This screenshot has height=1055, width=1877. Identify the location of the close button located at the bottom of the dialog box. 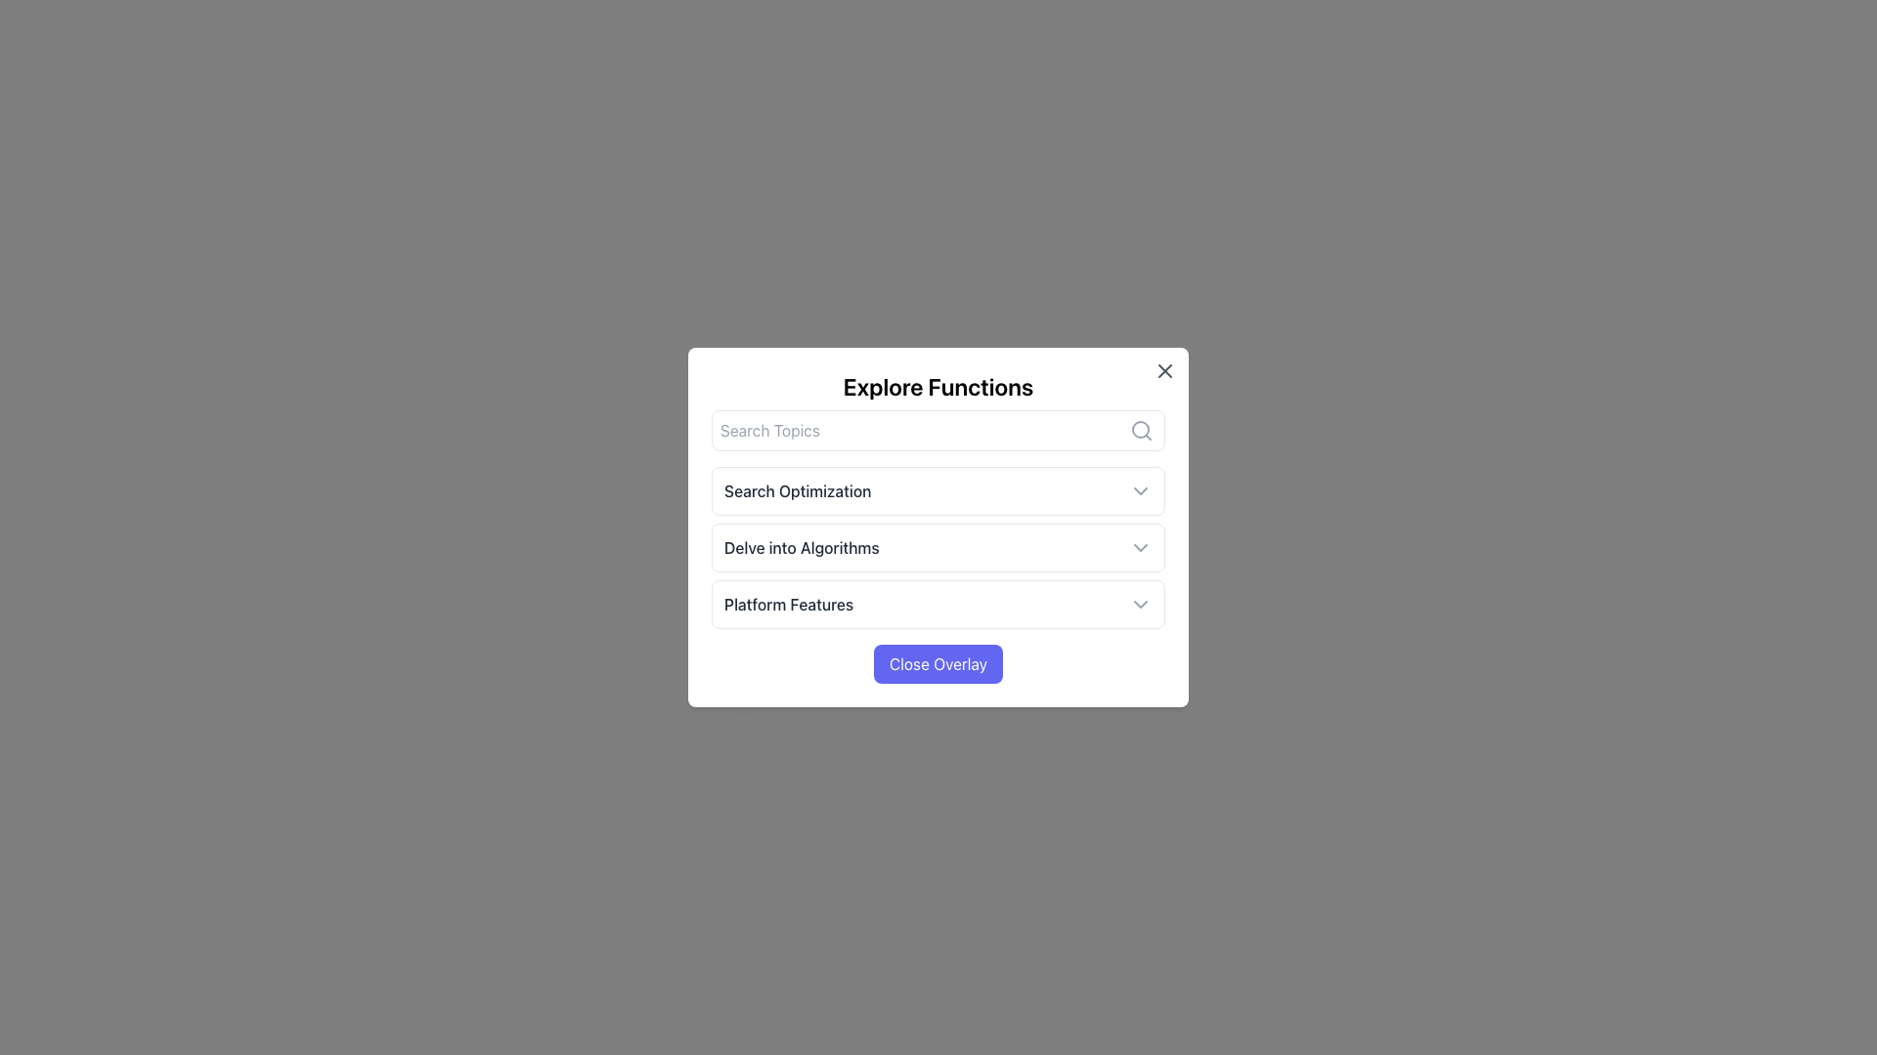
(938, 662).